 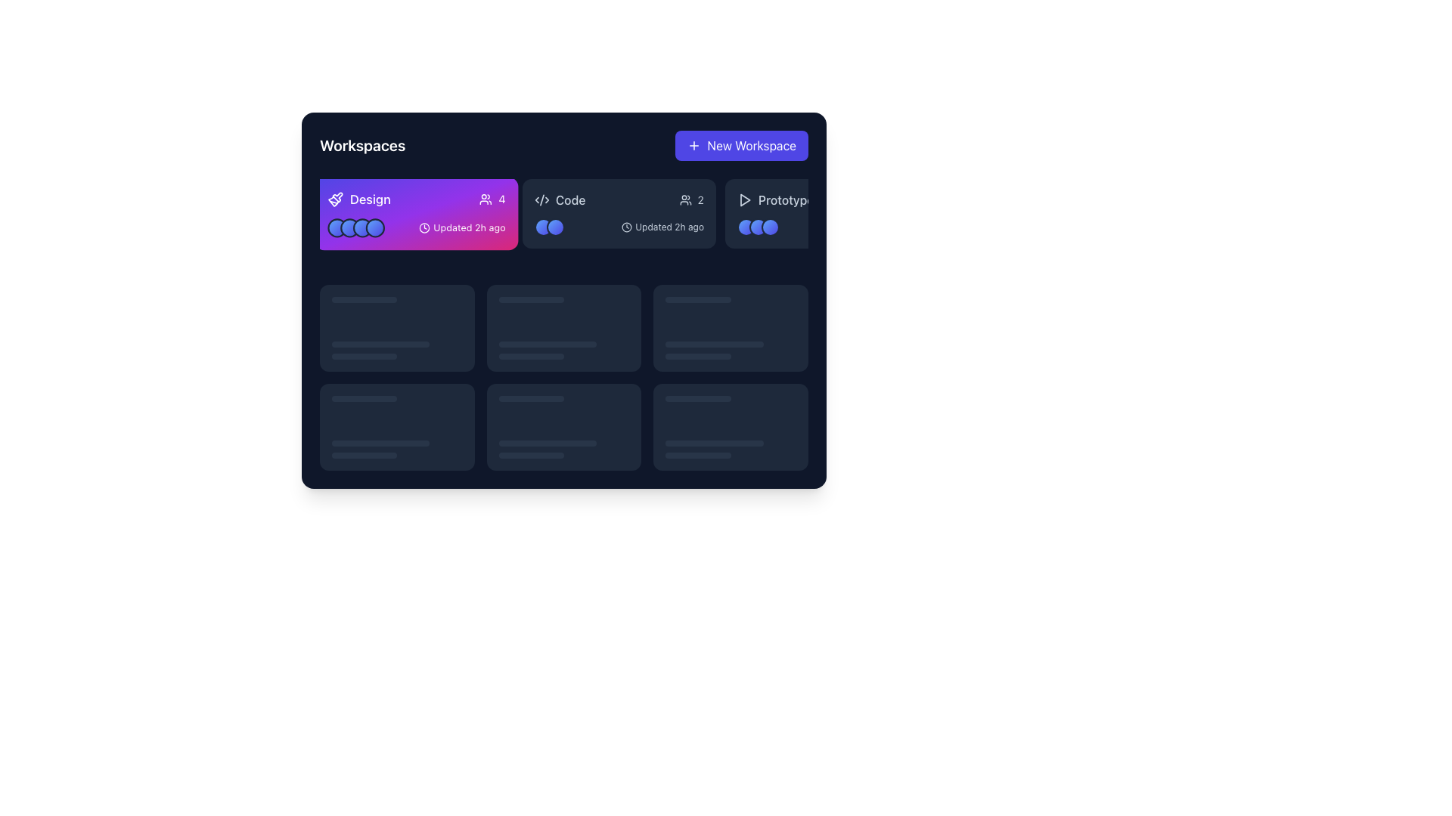 What do you see at coordinates (334, 199) in the screenshot?
I see `the design of the paintbrush icon located to the left of the 'Design' button, which features a minimalist outline and a vibrant background` at bounding box center [334, 199].